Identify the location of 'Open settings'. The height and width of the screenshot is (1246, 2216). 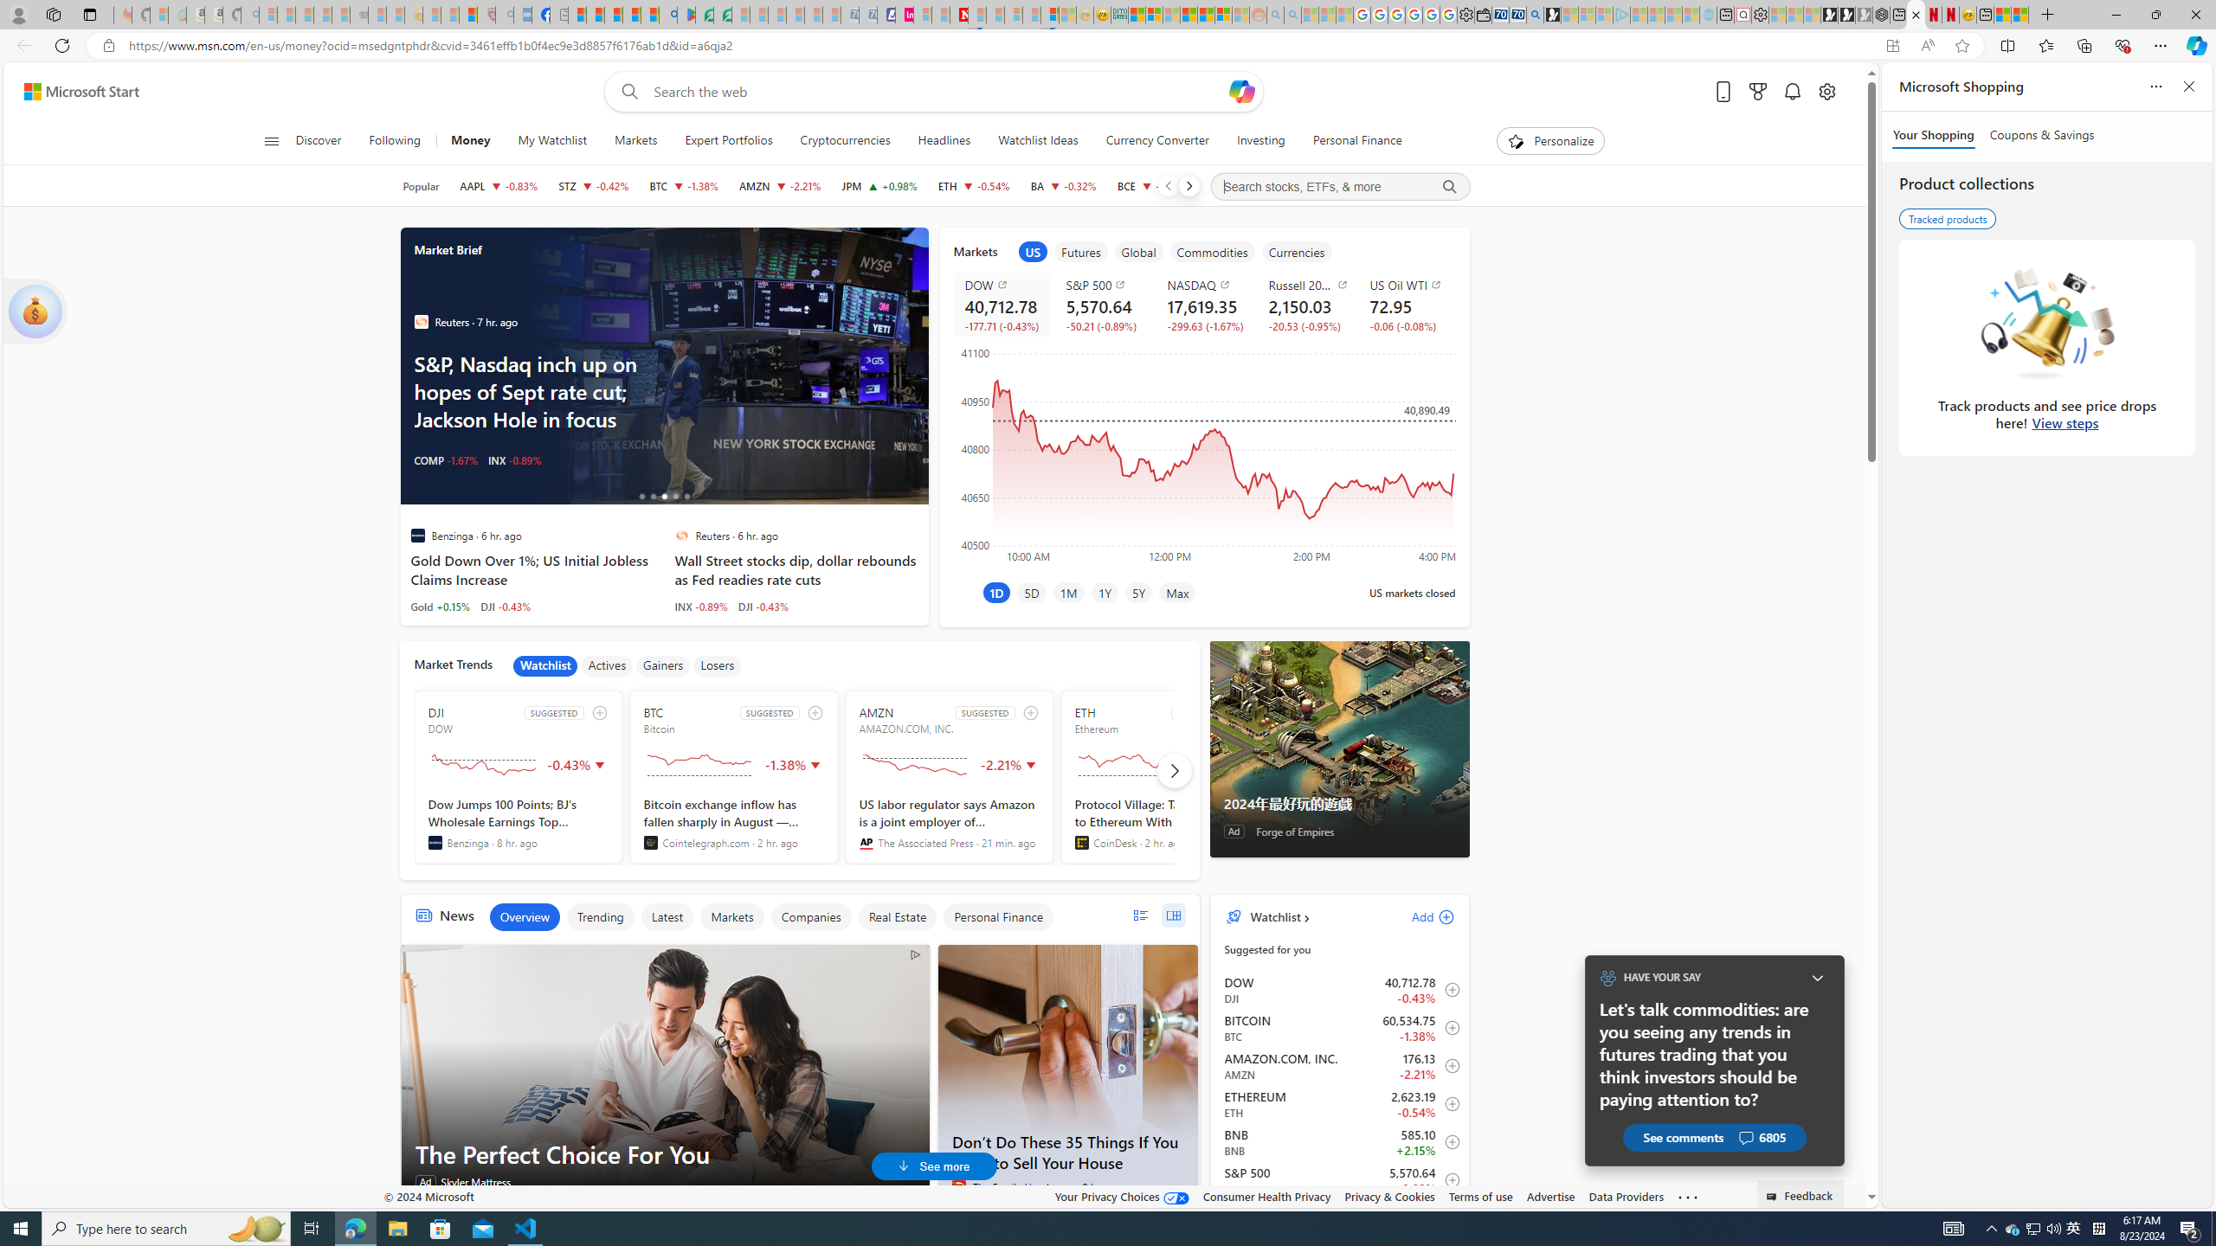
(1825, 92).